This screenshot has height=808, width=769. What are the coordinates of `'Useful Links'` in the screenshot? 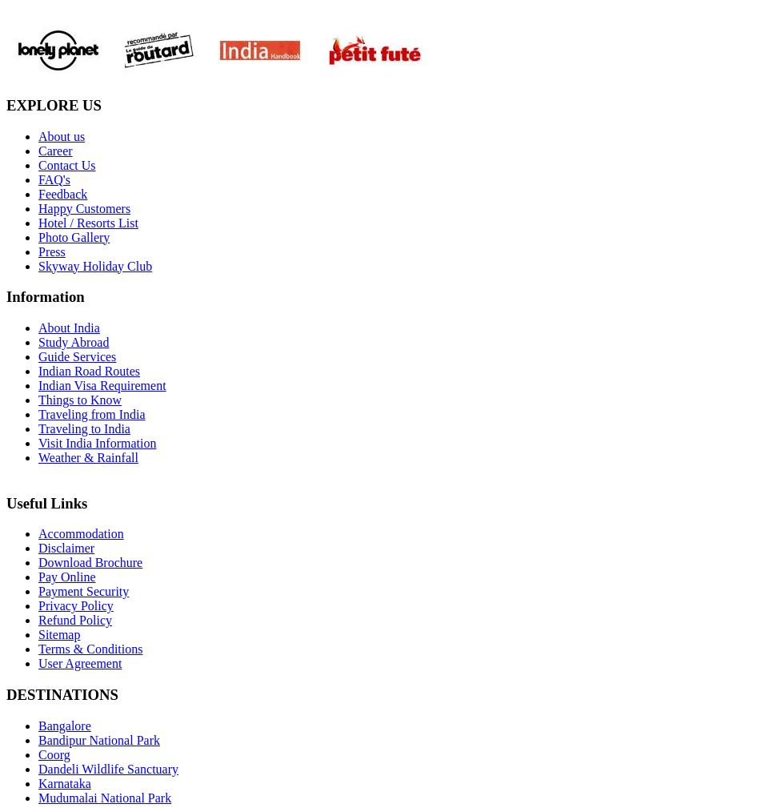 It's located at (46, 502).